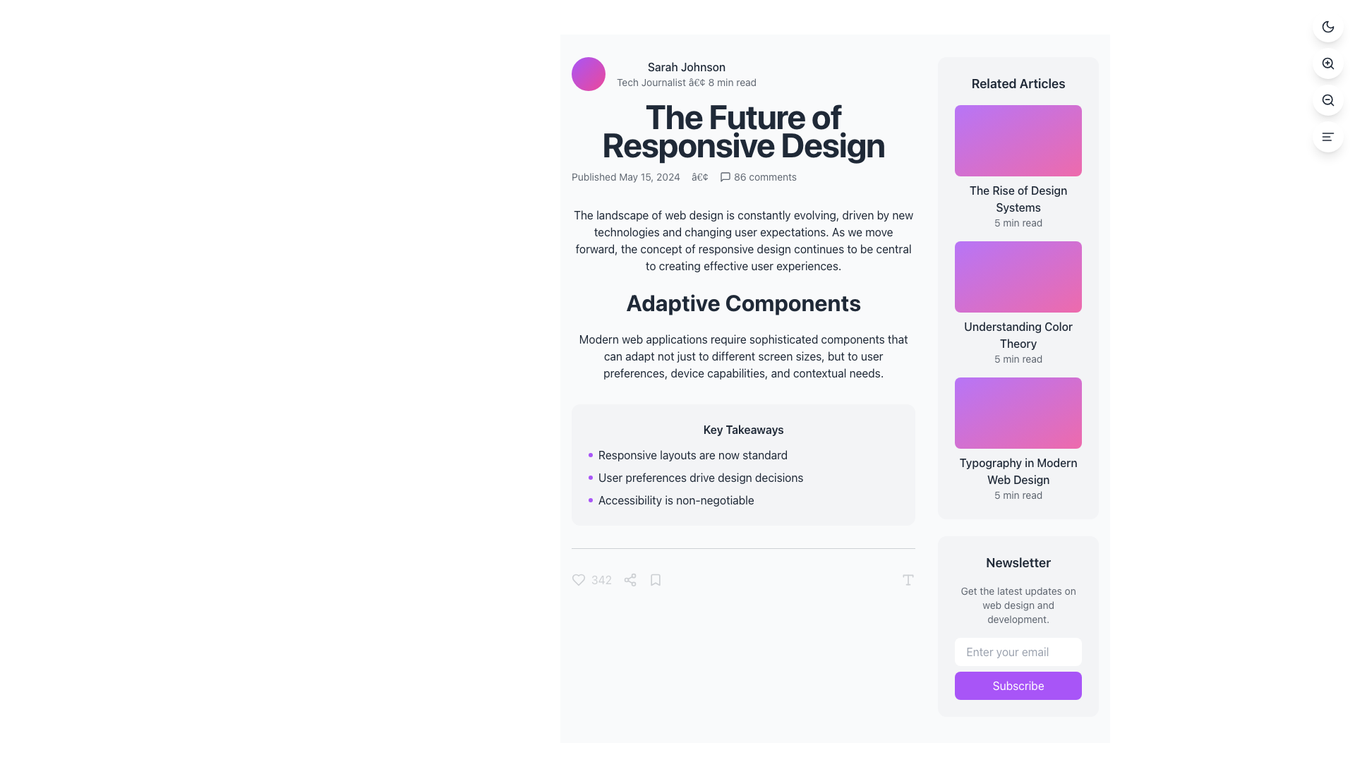 The image size is (1355, 762). Describe the element at coordinates (742, 131) in the screenshot. I see `the large, bold headline reading 'The Future of Responsive Design', which is prominently displayed in the upper-central part of the interface` at that location.